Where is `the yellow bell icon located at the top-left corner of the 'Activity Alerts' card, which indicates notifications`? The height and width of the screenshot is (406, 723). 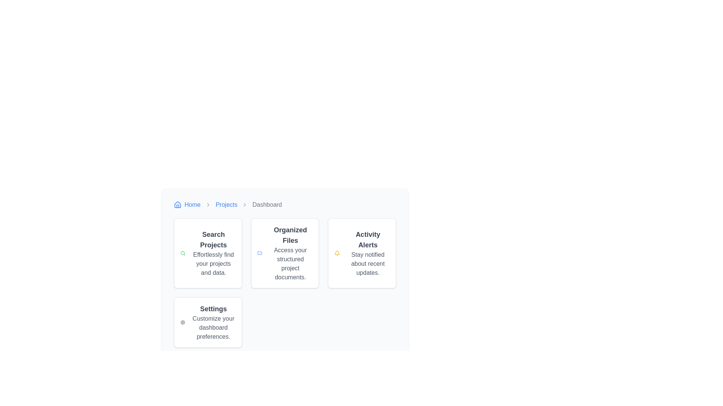
the yellow bell icon located at the top-left corner of the 'Activity Alerts' card, which indicates notifications is located at coordinates (337, 253).